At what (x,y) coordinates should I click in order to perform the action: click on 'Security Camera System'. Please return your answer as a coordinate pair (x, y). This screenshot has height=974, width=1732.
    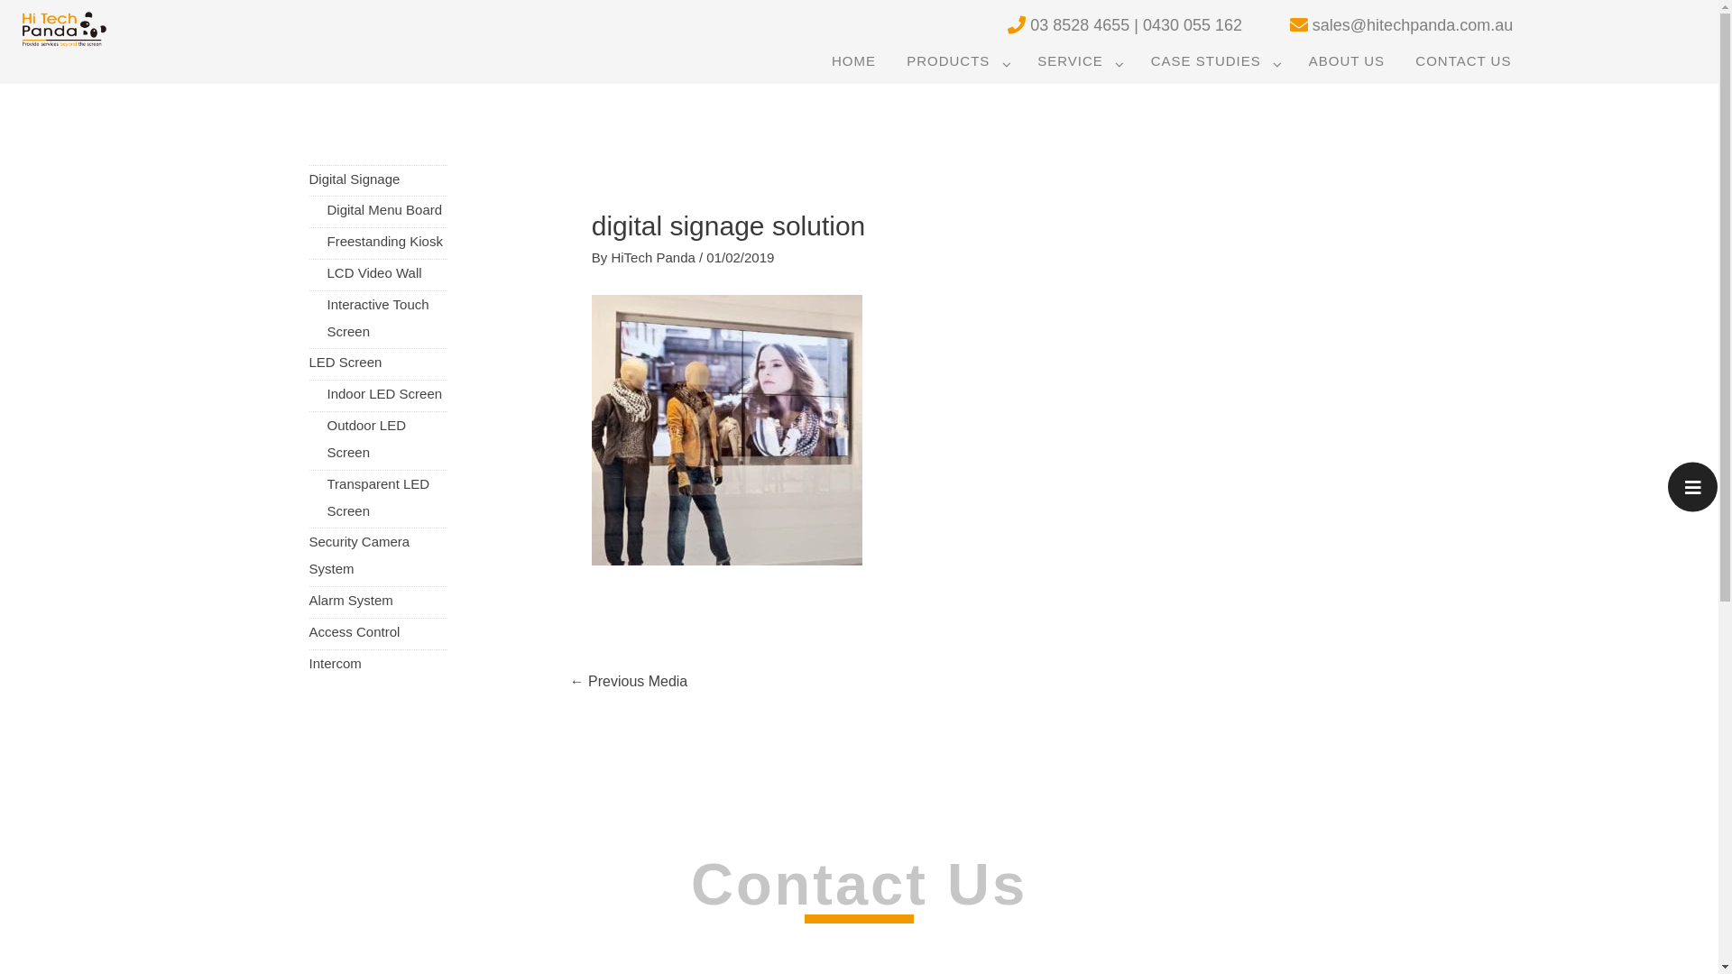
    Looking at the image, I should click on (359, 554).